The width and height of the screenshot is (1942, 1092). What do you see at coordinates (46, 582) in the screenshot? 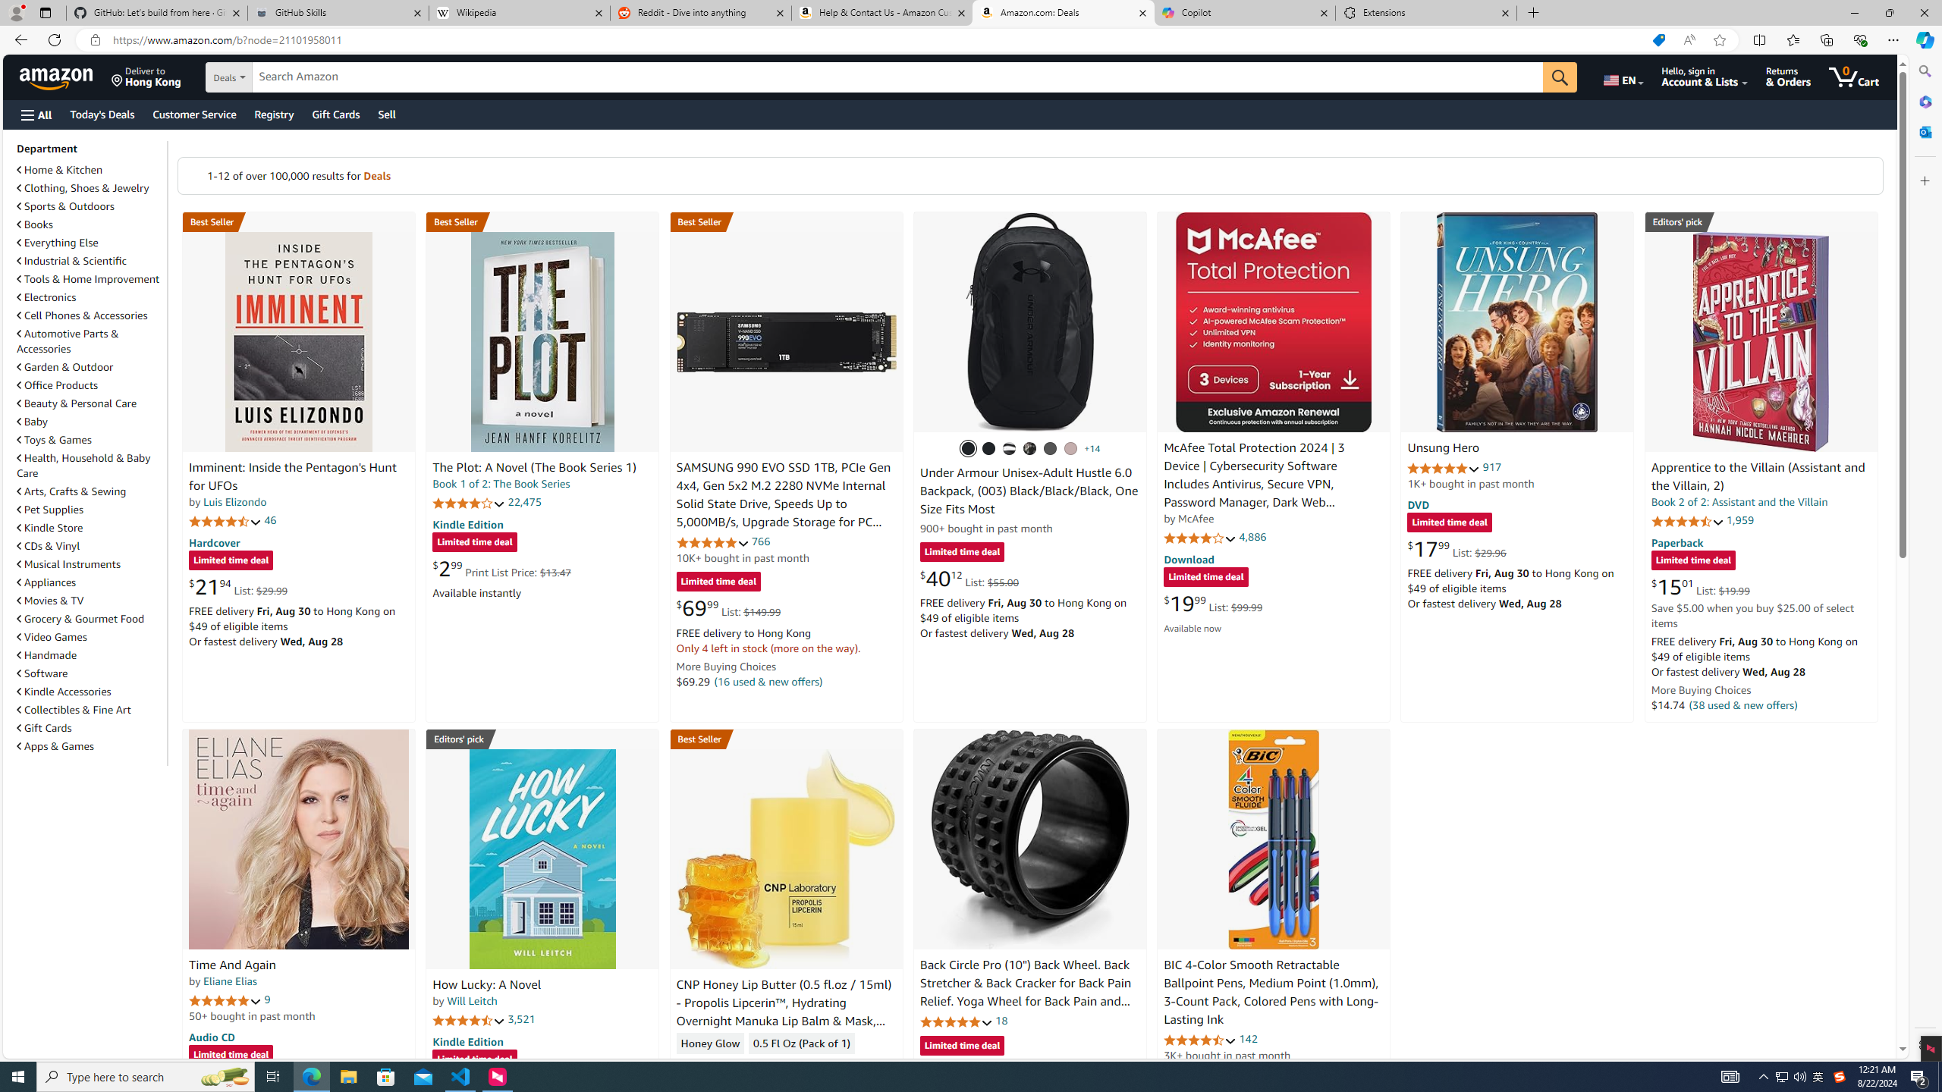
I see `'Appliances'` at bounding box center [46, 582].